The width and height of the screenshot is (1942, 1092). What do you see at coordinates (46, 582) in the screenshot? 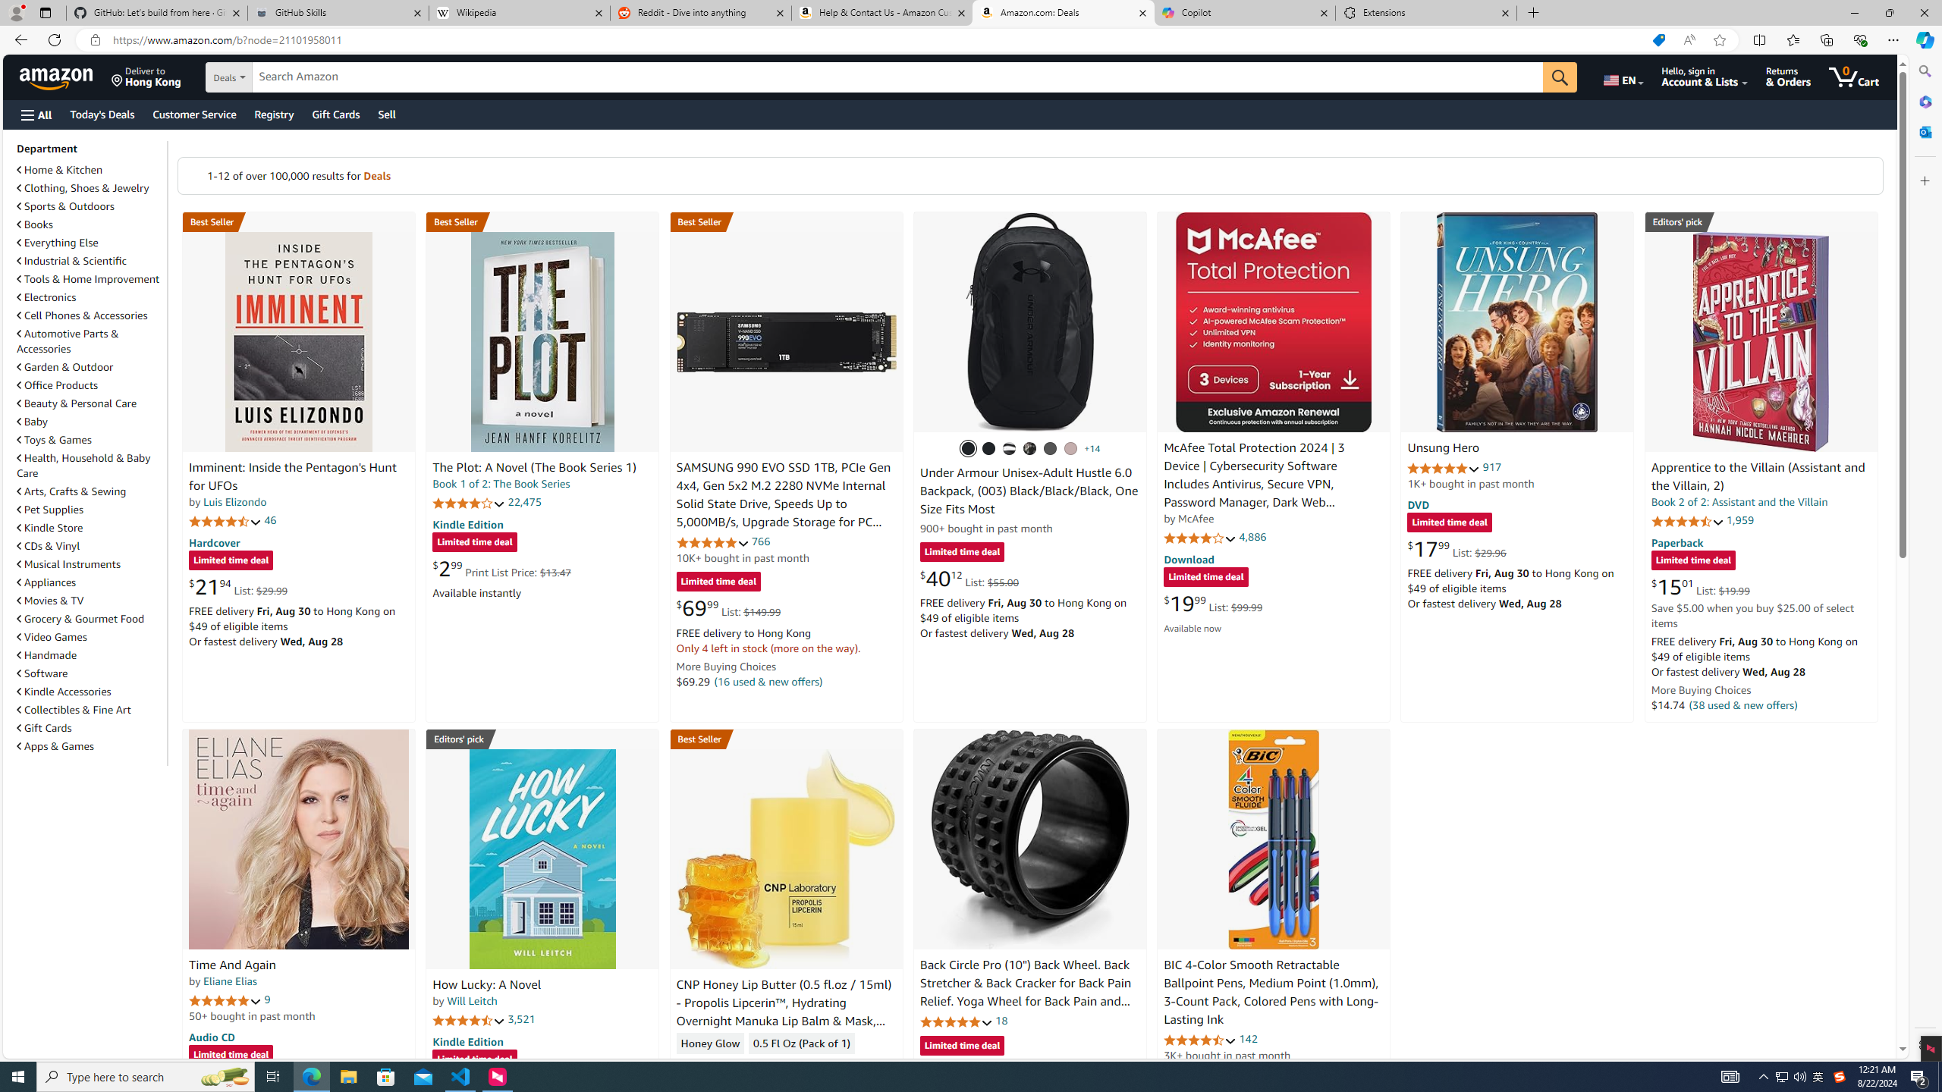
I see `'Appliances'` at bounding box center [46, 582].